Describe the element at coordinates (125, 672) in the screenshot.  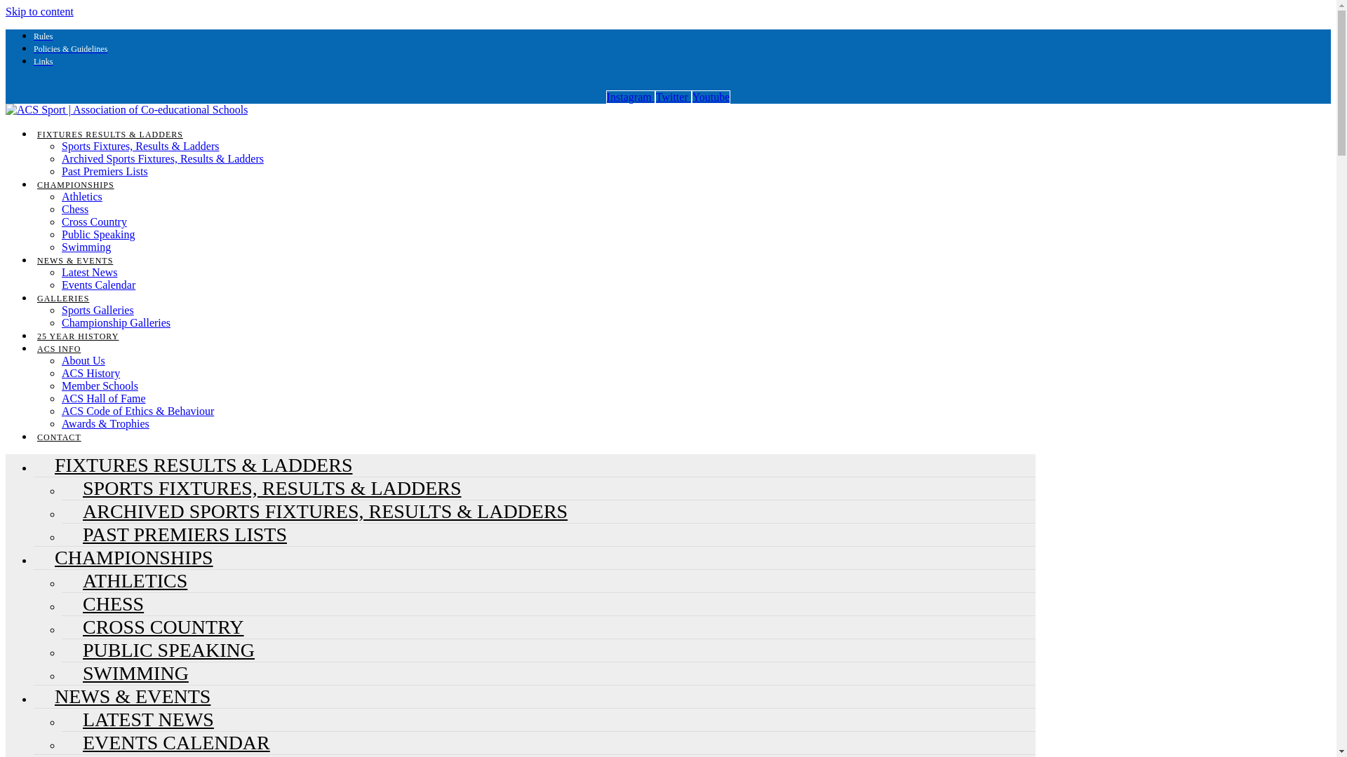
I see `'SWIMMING'` at that location.